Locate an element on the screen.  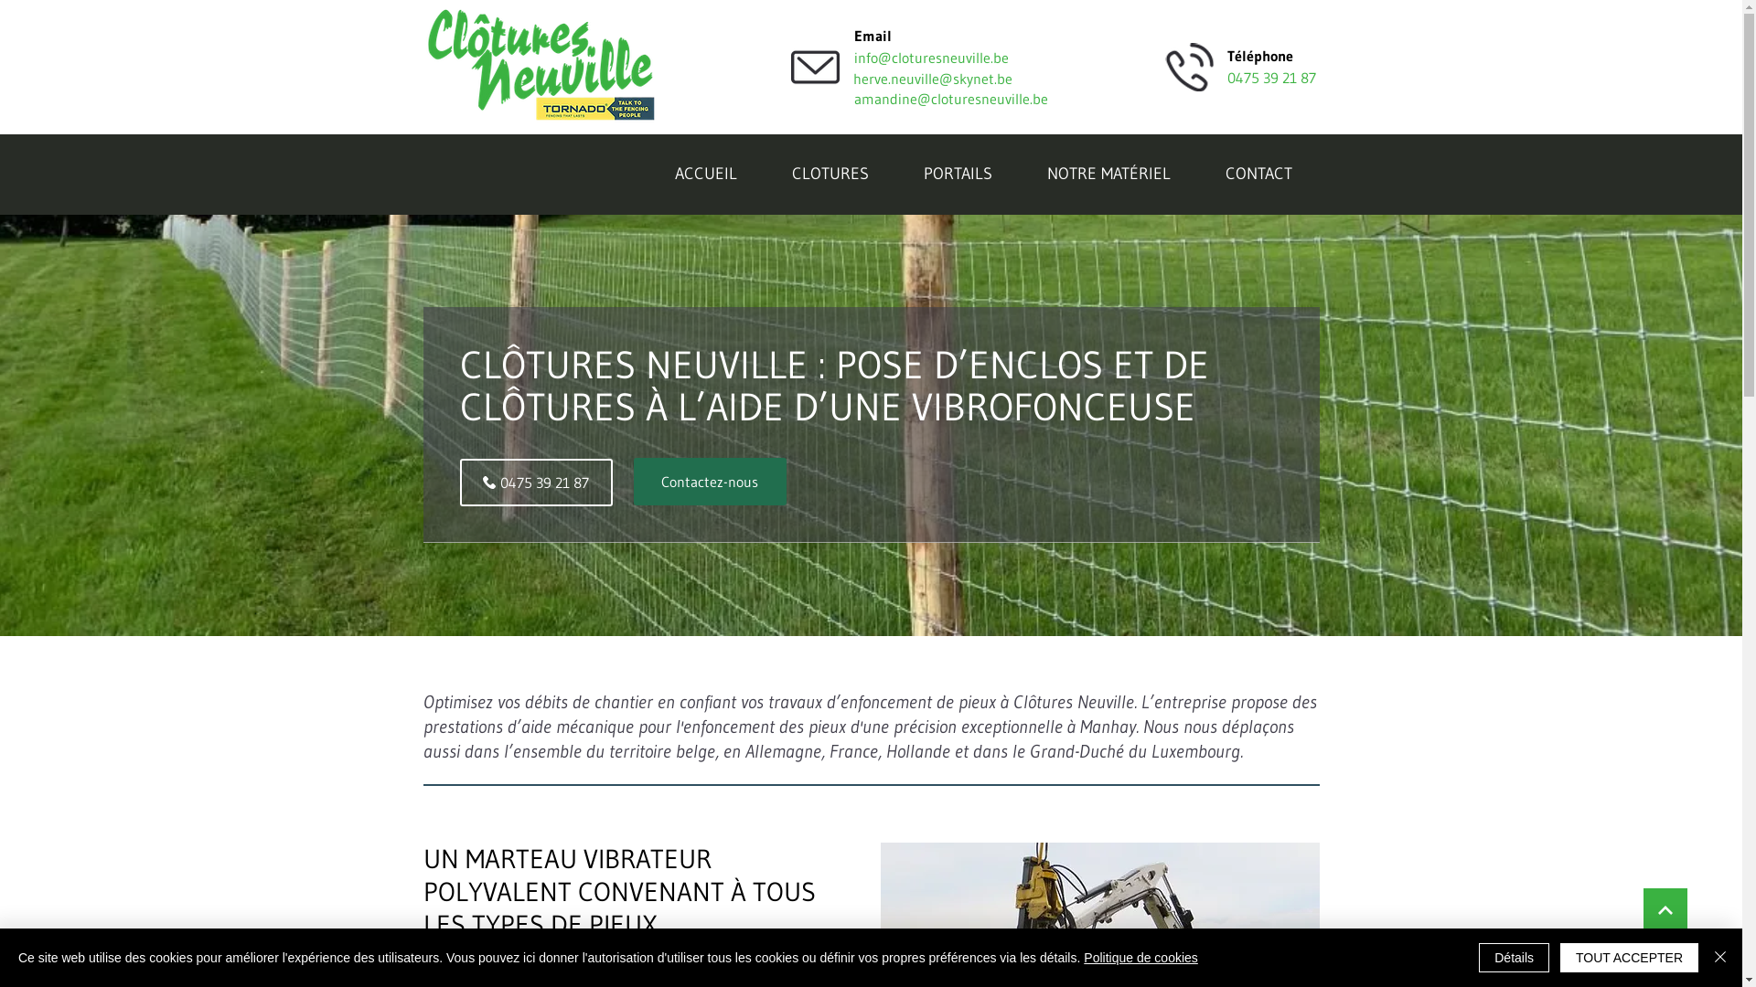
'info@cloturesneuville.be' is located at coordinates (931, 56).